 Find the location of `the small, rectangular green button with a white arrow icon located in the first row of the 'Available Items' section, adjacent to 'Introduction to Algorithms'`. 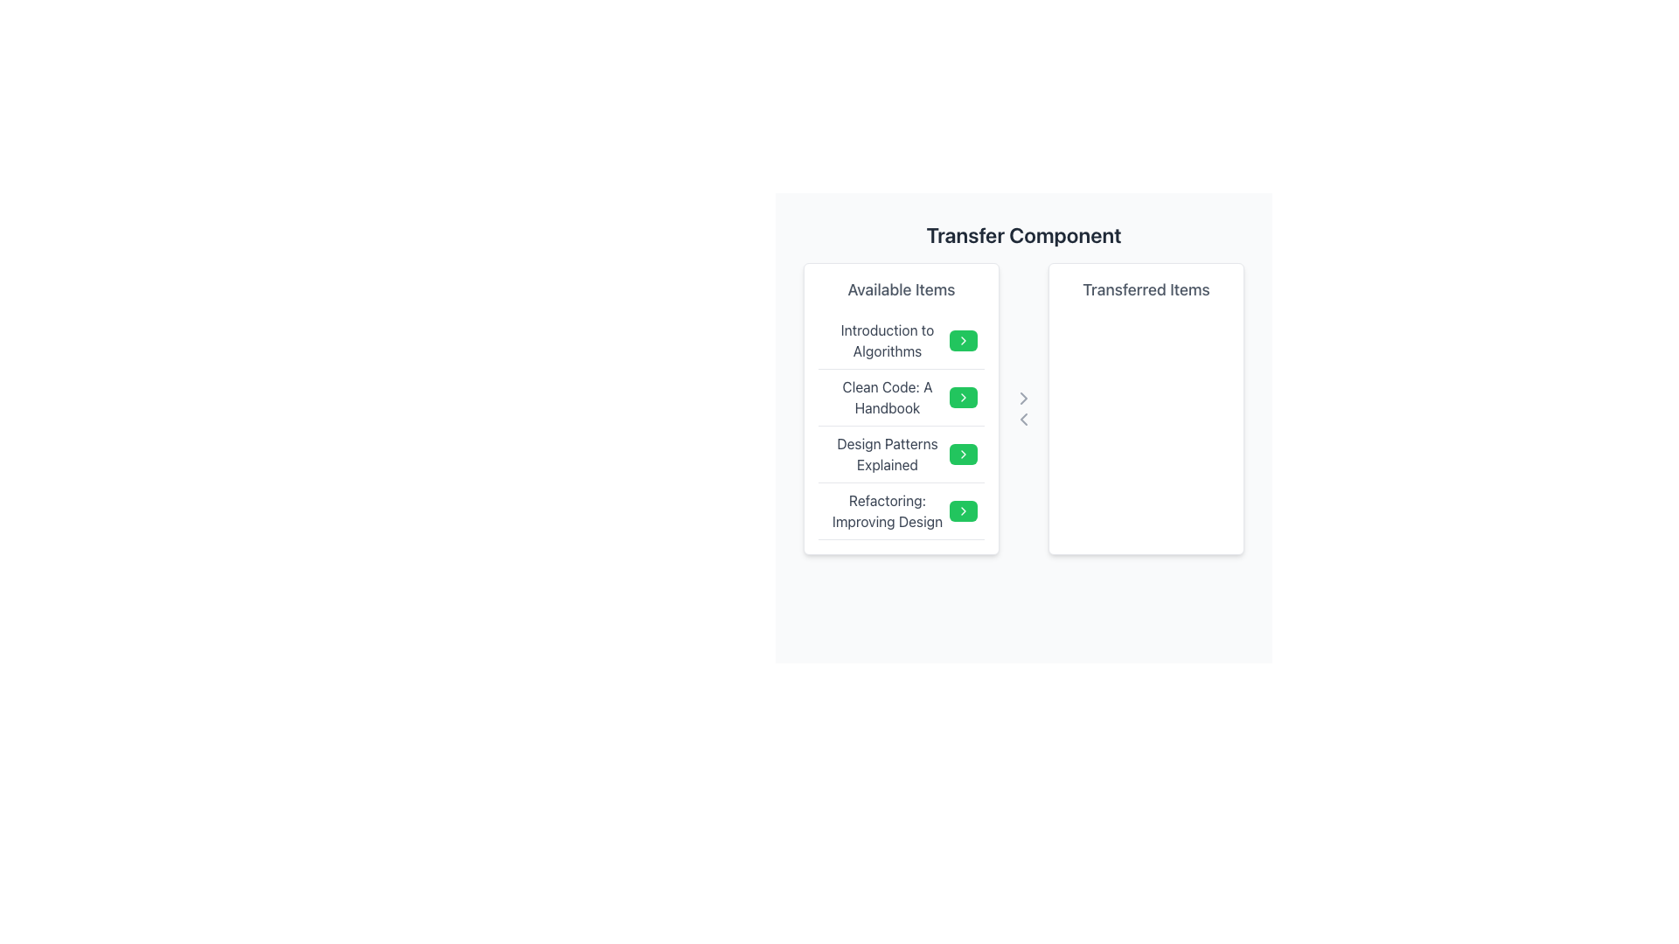

the small, rectangular green button with a white arrow icon located in the first row of the 'Available Items' section, adjacent to 'Introduction to Algorithms' is located at coordinates (963, 340).